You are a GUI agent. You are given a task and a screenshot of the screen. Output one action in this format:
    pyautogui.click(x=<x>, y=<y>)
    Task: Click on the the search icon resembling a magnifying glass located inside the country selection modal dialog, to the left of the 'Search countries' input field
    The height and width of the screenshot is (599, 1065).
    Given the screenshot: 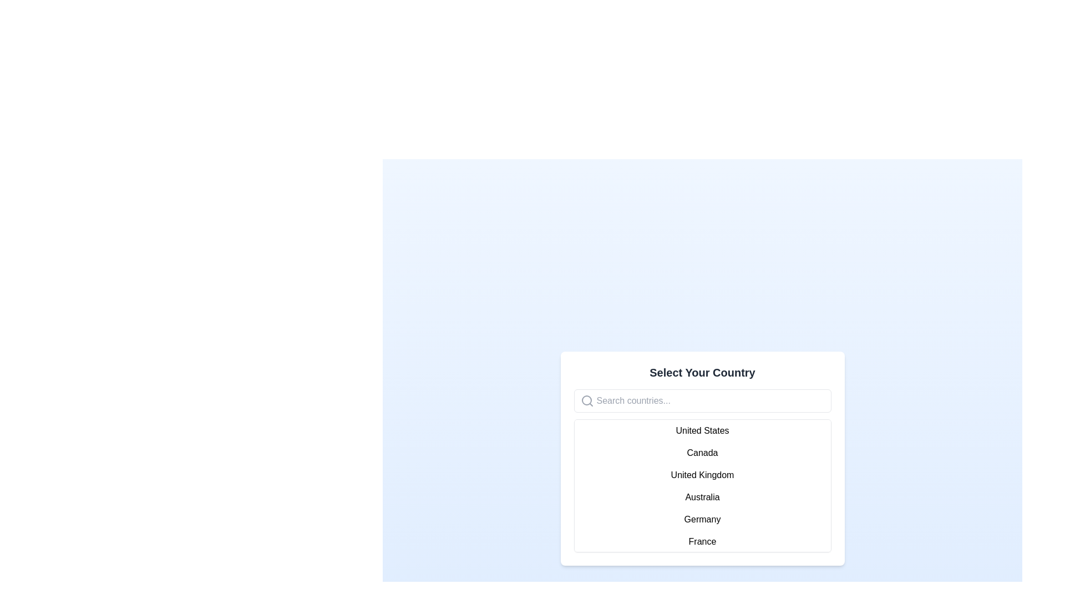 What is the action you would take?
    pyautogui.click(x=586, y=400)
    